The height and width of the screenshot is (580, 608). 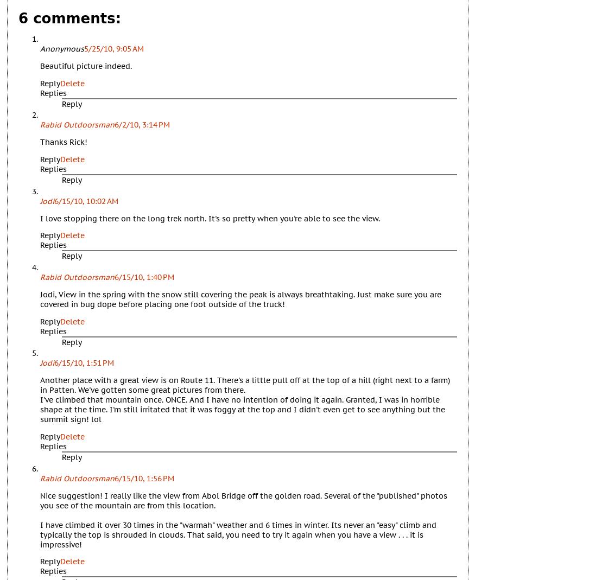 I want to click on 'Another place with a great view is on Route 11.  There's a little pull off at the top of a hill (right next to a farm) in Patten.  We've gotten some great pictures from there.', so click(x=245, y=385).